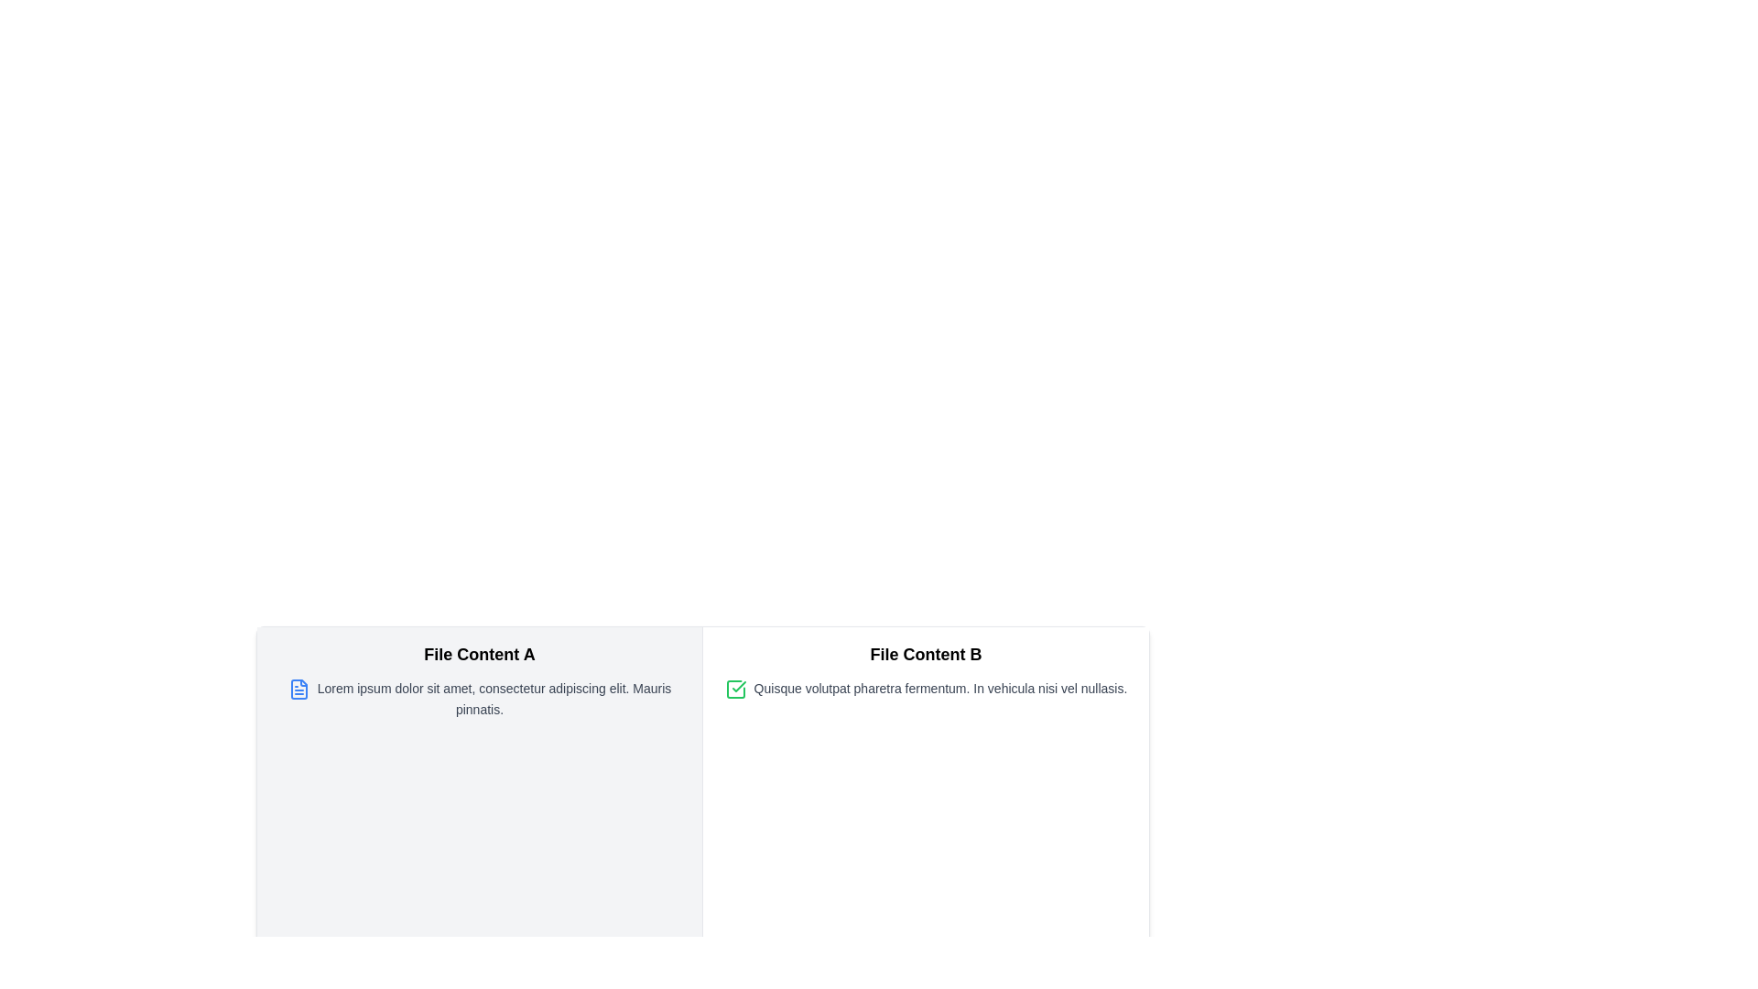 Image resolution: width=1758 pixels, height=989 pixels. What do you see at coordinates (479, 699) in the screenshot?
I see `the text snippet reading 'Lorem ipsum dolor sit amet, consectetur adipiscing elit. Mauris pinnatis.' which is located below the title 'File Content A' and styled with a small font size and gray color` at bounding box center [479, 699].